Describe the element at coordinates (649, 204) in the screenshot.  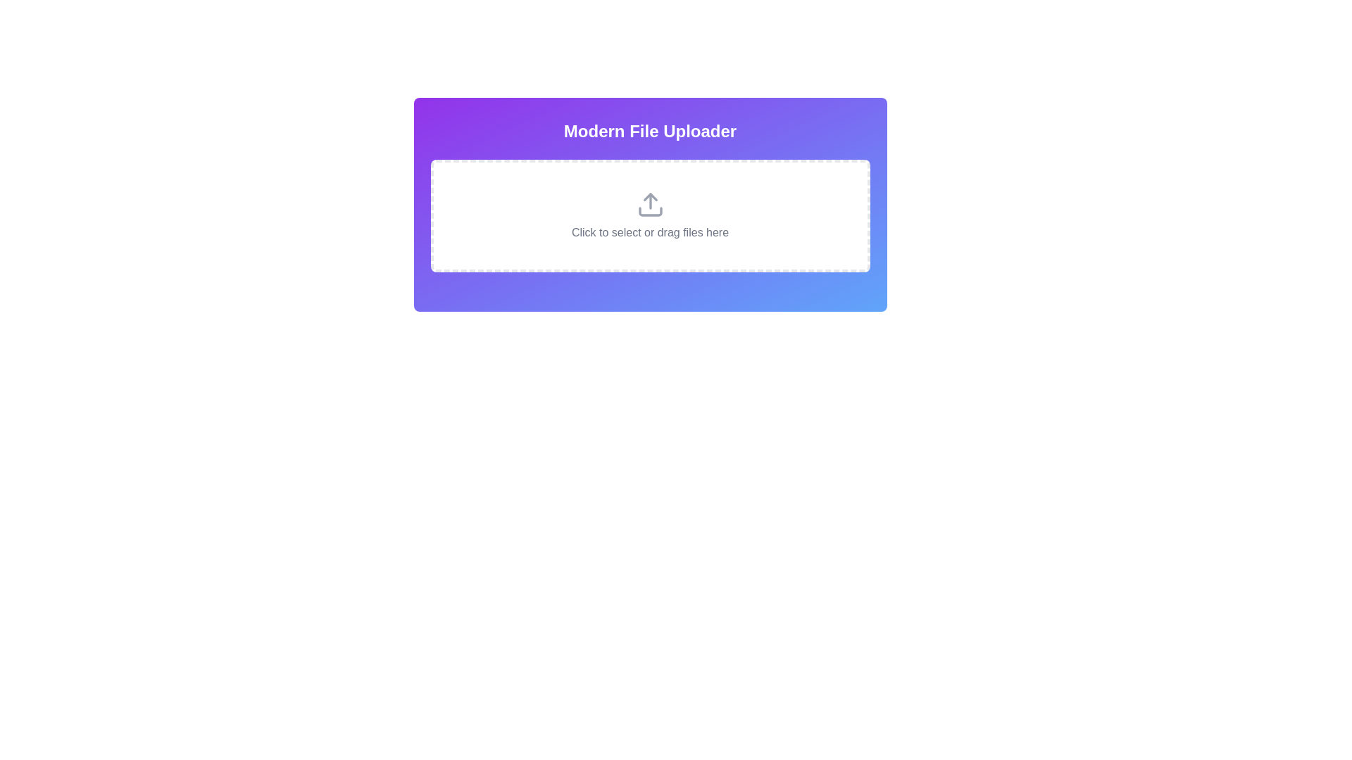
I see `the centered outlined icon depicting an upward arrow, located in the middle of the bordered white rectangular area labeled 'Click to select or drag files here'` at that location.